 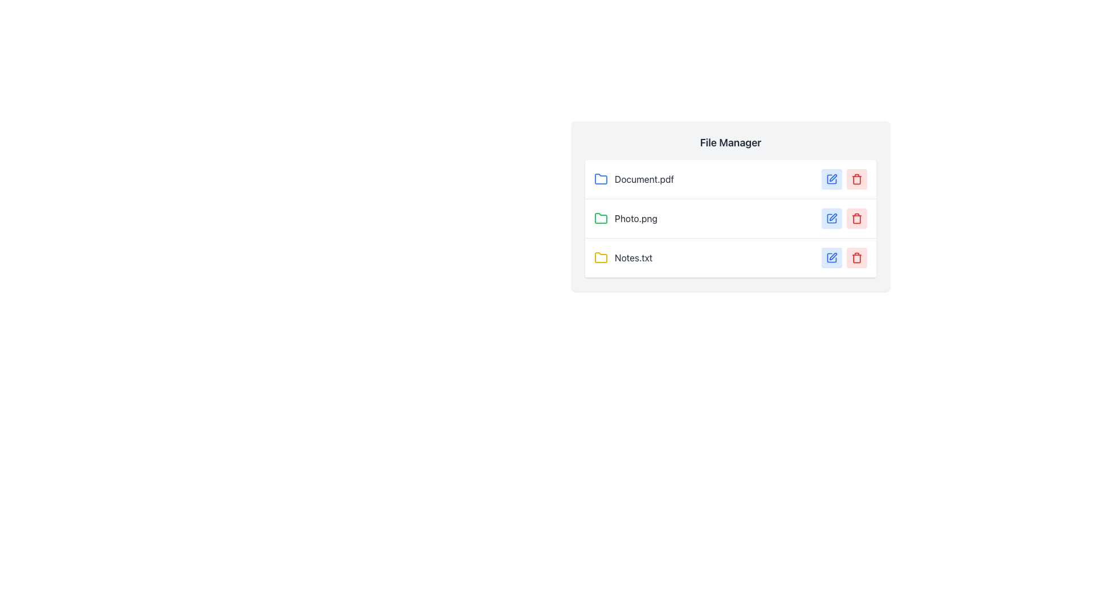 What do you see at coordinates (634, 179) in the screenshot?
I see `the 'Document.pdf' file item in the File Manager list` at bounding box center [634, 179].